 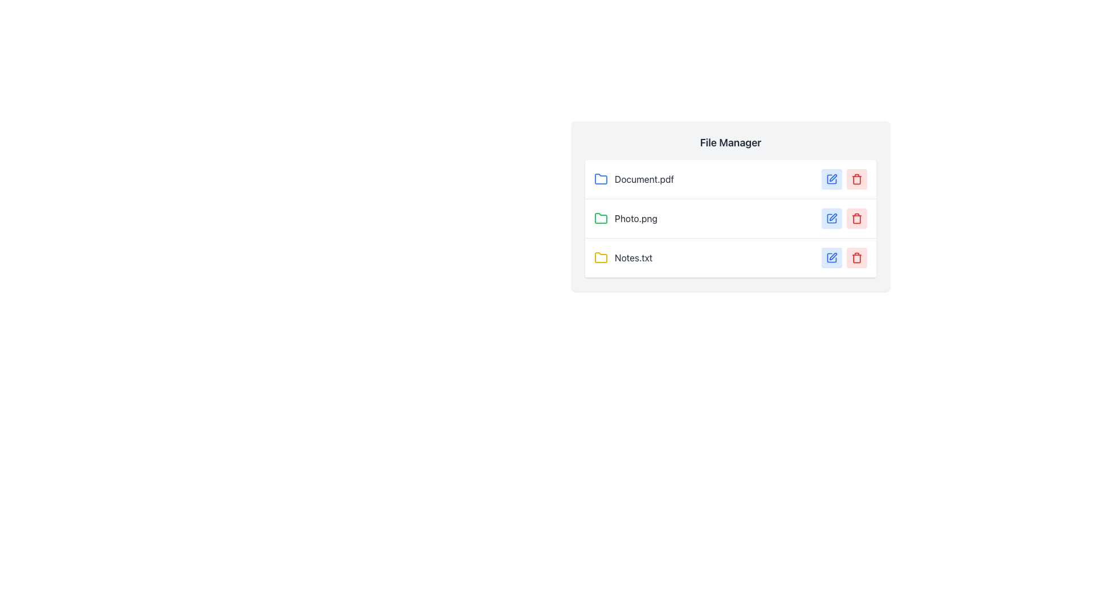 What do you see at coordinates (634, 179) in the screenshot?
I see `the 'Document.pdf' file item in the File Manager list` at bounding box center [634, 179].